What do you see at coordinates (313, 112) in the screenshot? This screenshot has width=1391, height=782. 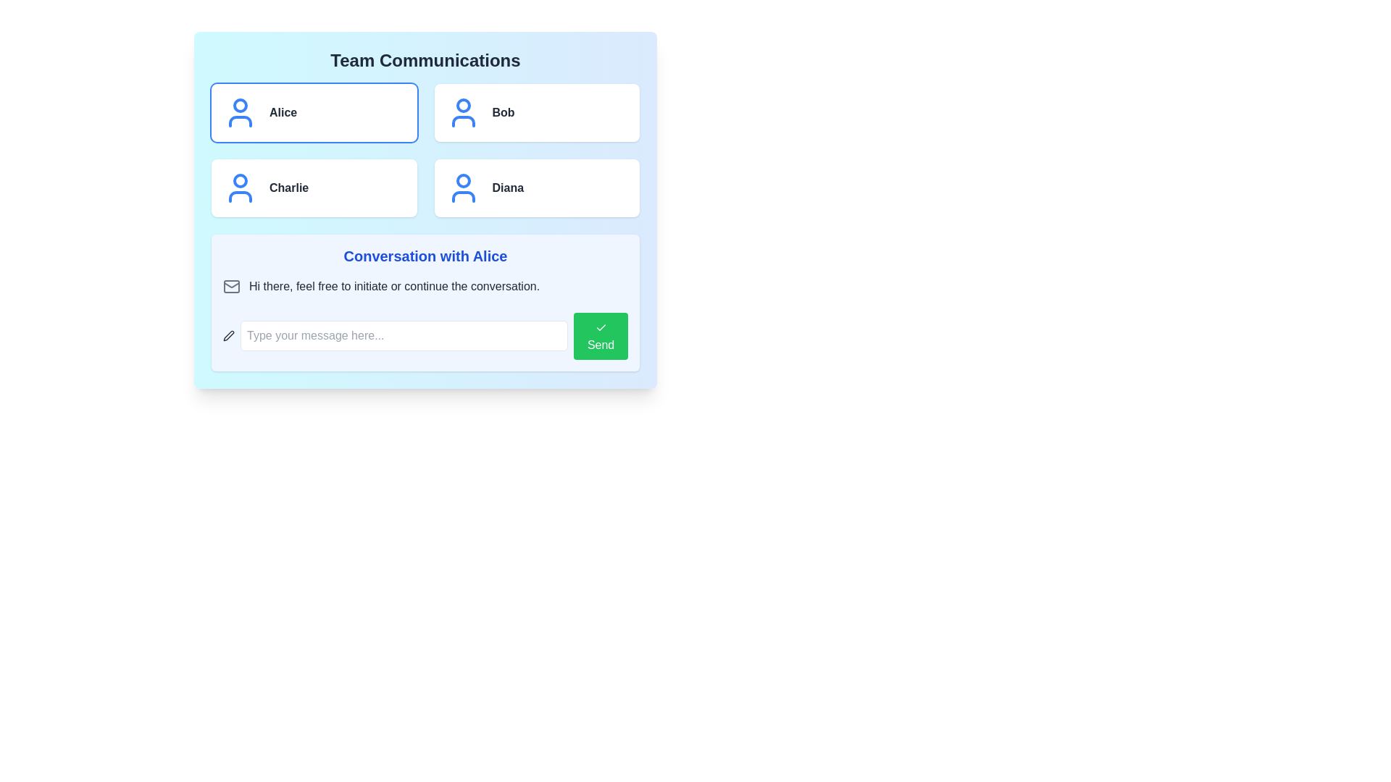 I see `the selectable card for user 'Alice'` at bounding box center [313, 112].